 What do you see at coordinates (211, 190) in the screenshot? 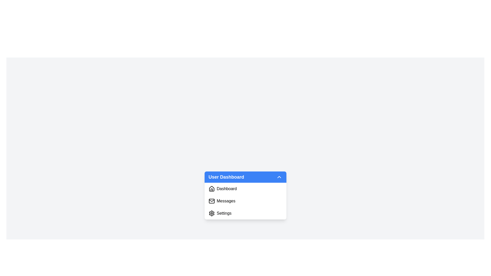
I see `the bottom part of the house icon in the navigation menu under the 'Dashboard' option` at bounding box center [211, 190].